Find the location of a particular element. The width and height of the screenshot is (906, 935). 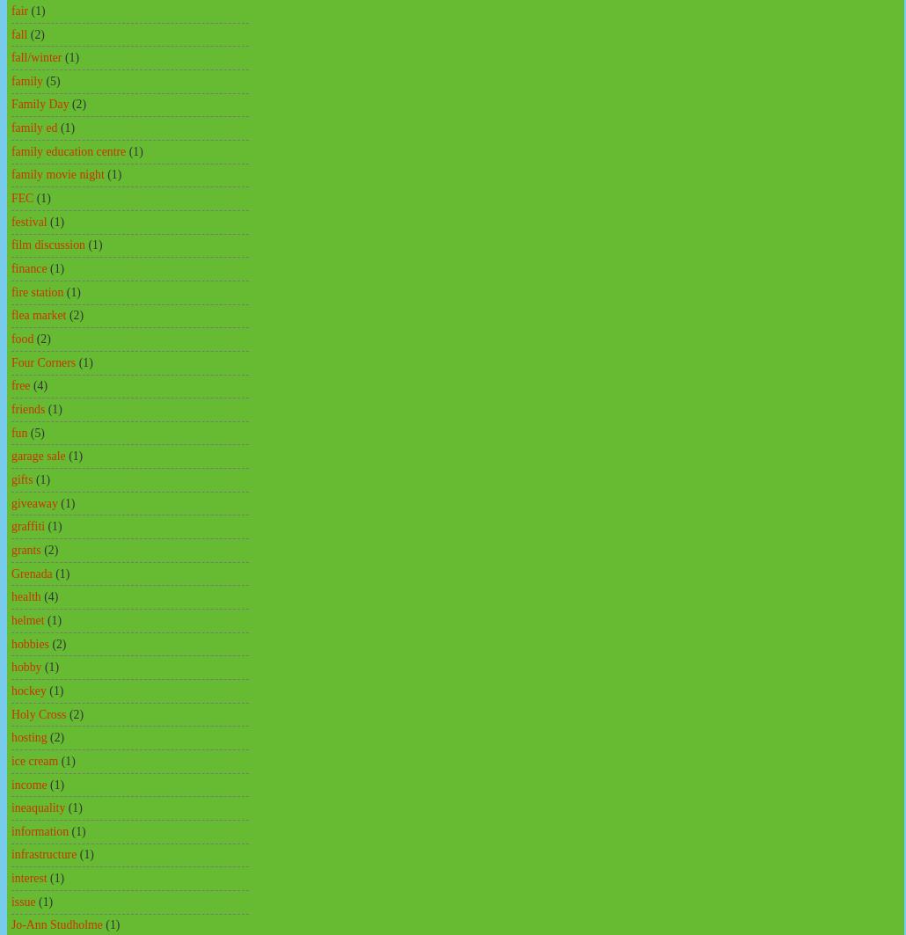

'giveaway' is located at coordinates (34, 501).